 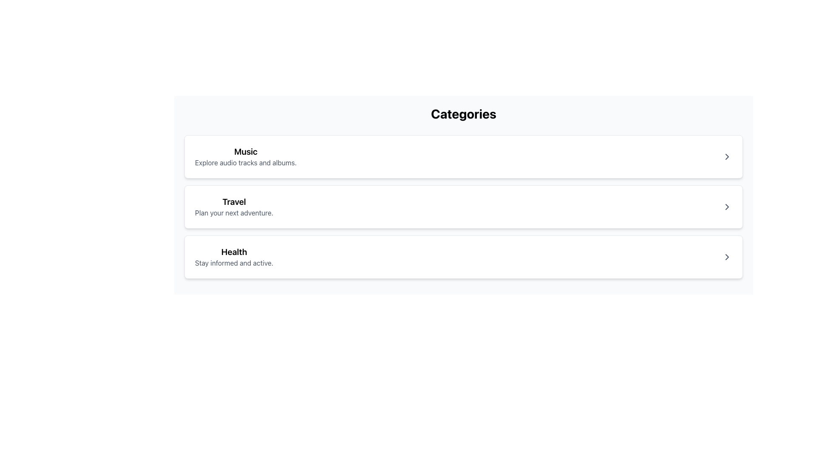 What do you see at coordinates (234, 262) in the screenshot?
I see `the secondary text label located beneath the 'Health' text in the third card of the vertical list of cards` at bounding box center [234, 262].